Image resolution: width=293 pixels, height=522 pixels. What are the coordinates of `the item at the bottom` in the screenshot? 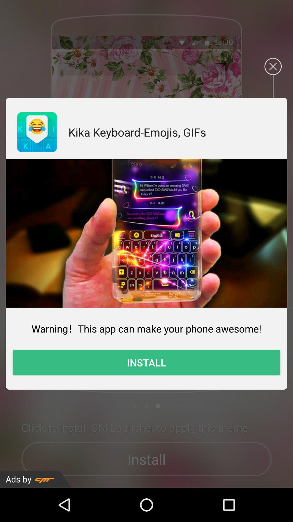 It's located at (146, 362).